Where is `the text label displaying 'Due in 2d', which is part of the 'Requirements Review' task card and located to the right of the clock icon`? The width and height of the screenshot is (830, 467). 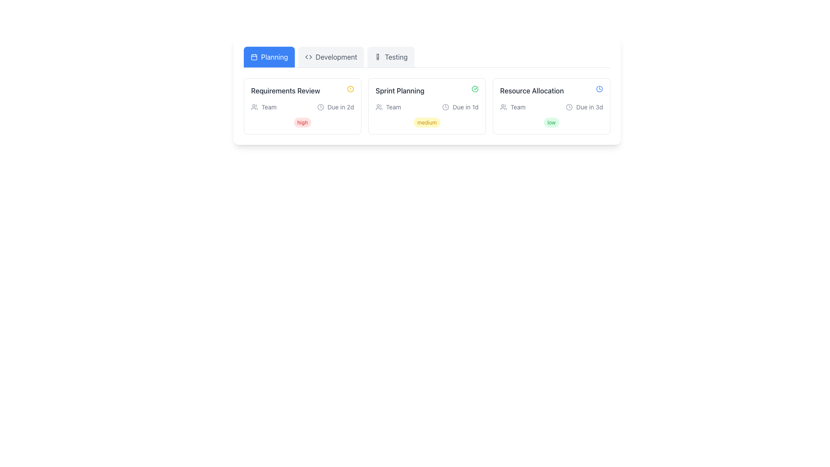 the text label displaying 'Due in 2d', which is part of the 'Requirements Review' task card and located to the right of the clock icon is located at coordinates (340, 106).